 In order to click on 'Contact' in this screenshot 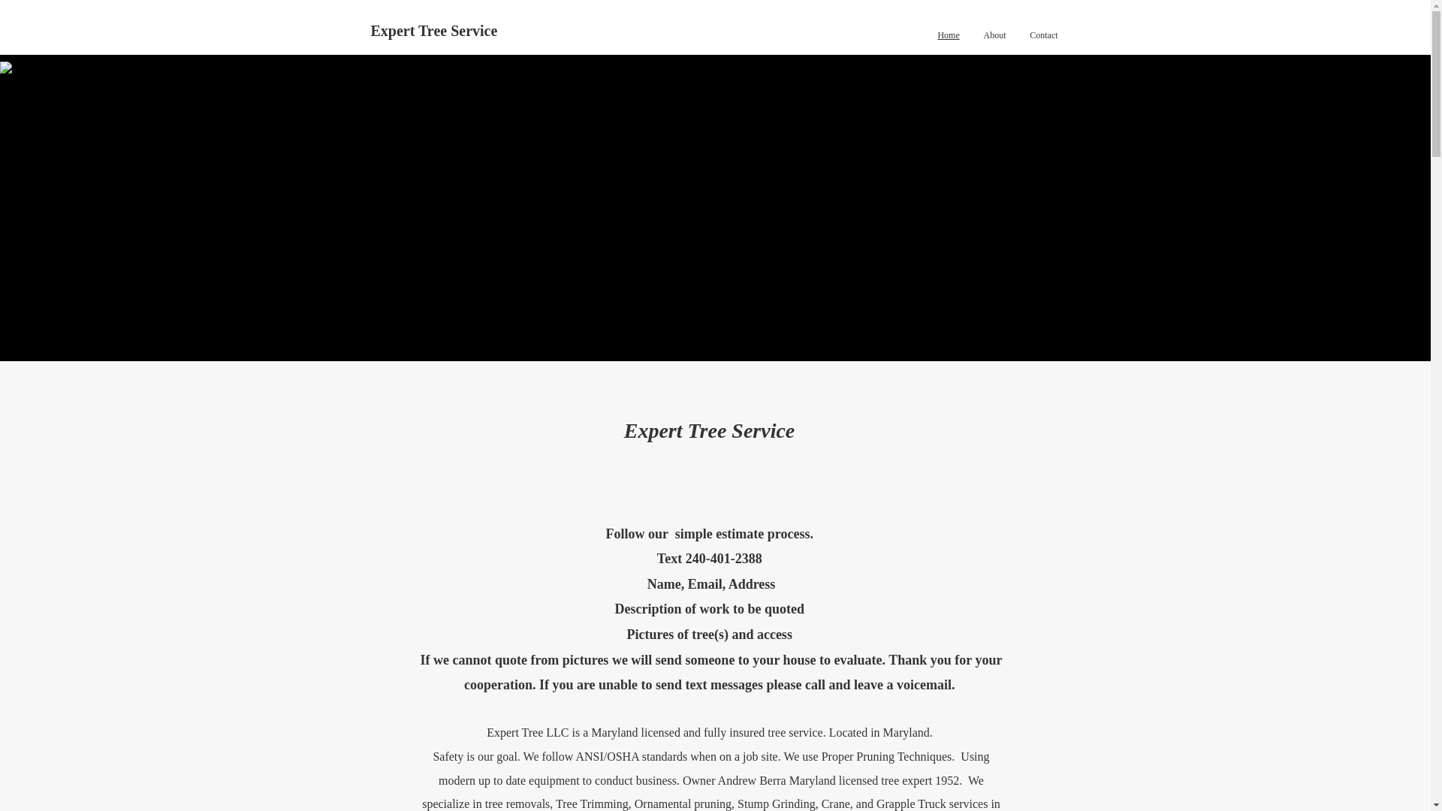, I will do `click(1042, 34)`.